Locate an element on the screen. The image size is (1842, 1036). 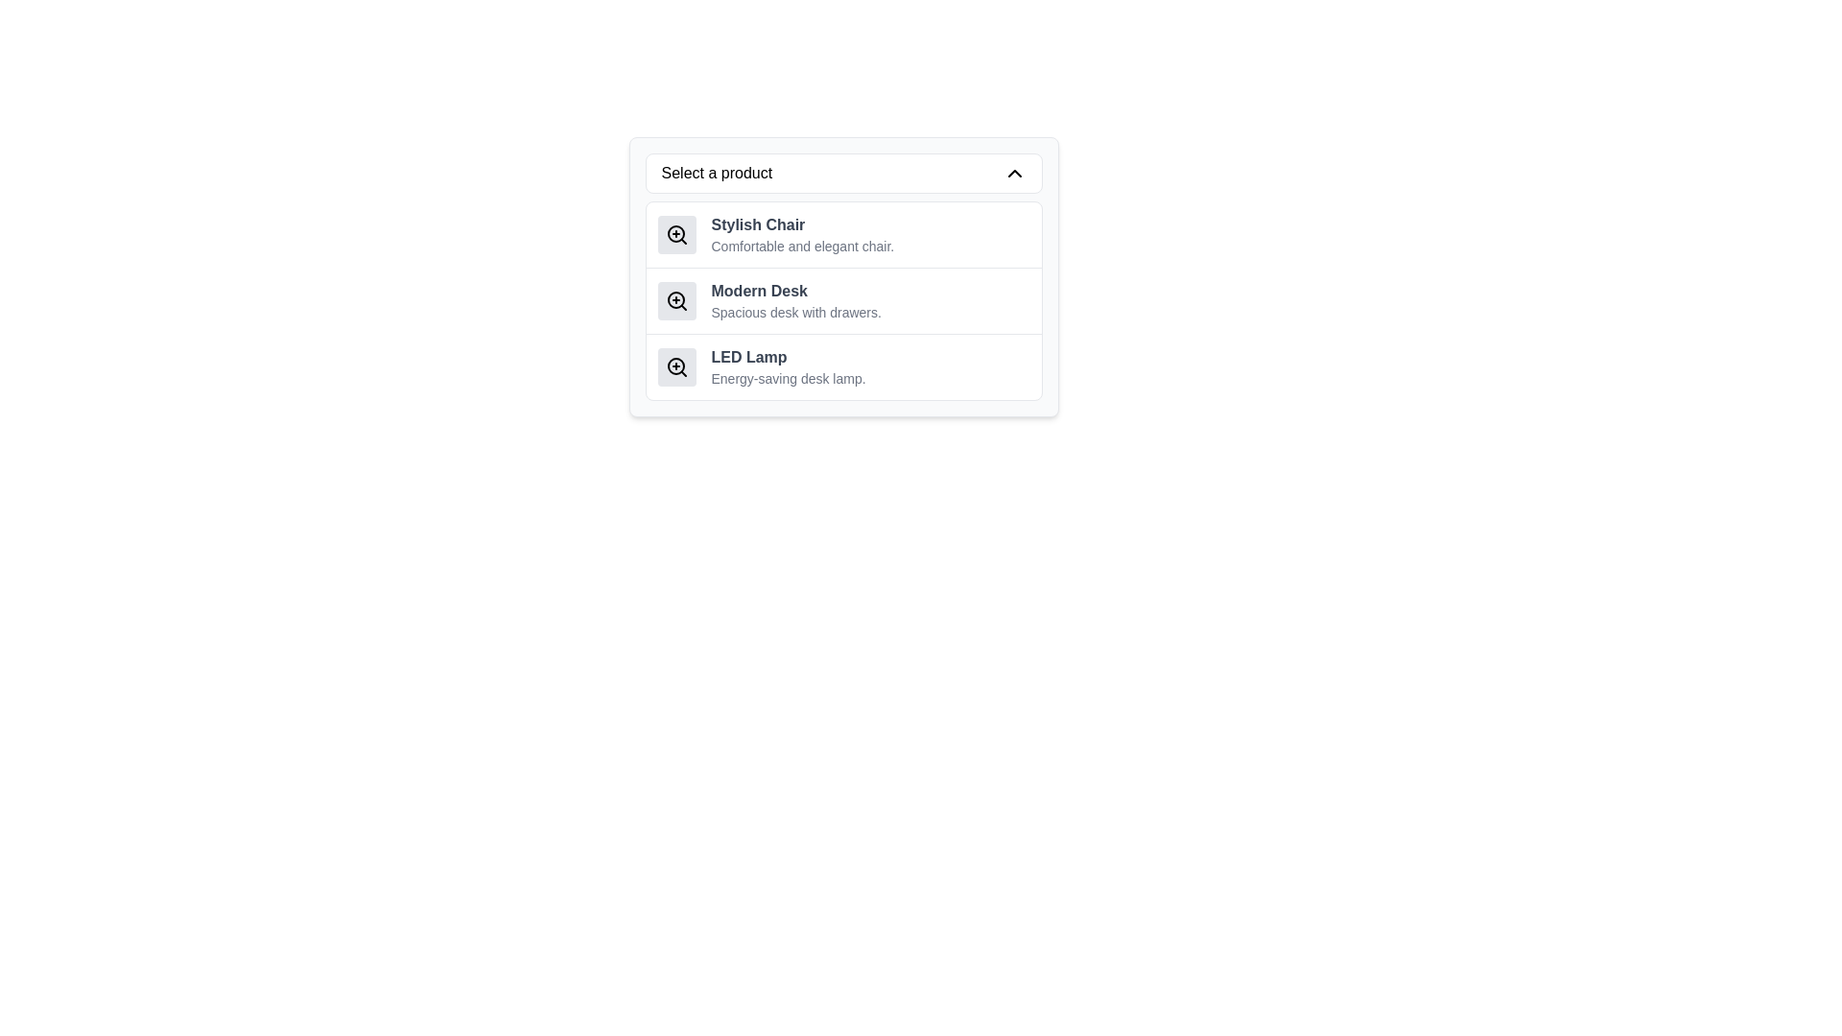
the Zoom In icon, which is represented by a magnifying glass with a plus symbol, located under the 'Select a product' heading is located at coordinates (676, 300).